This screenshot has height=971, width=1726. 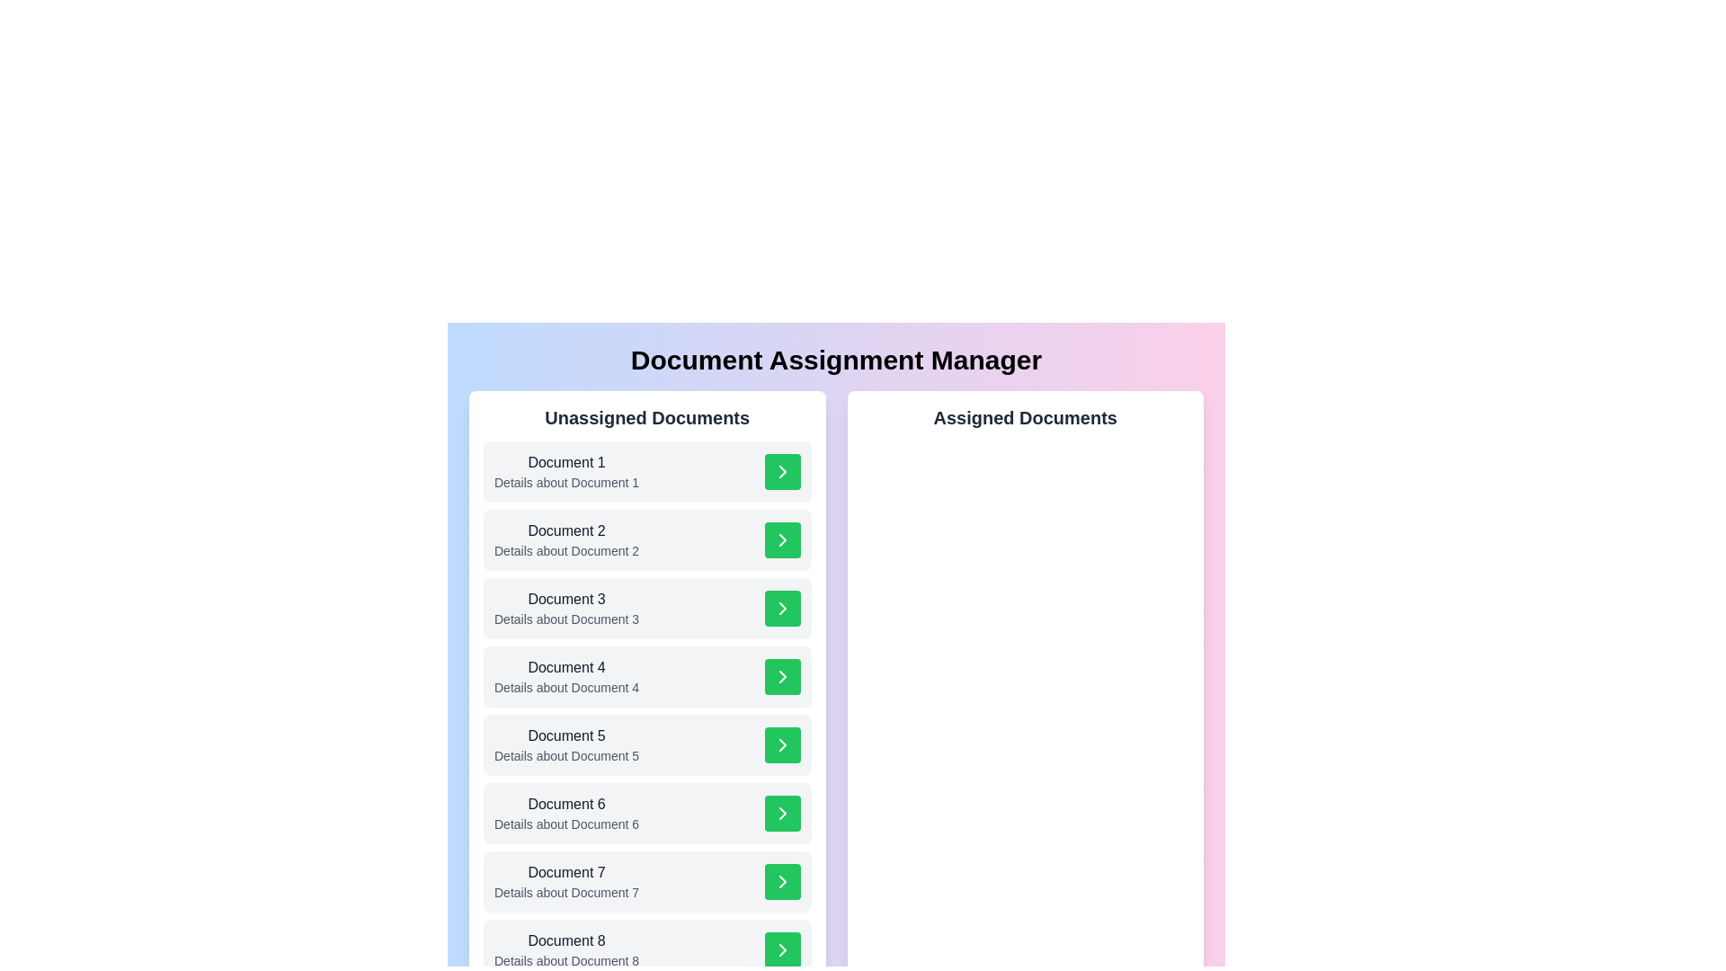 What do you see at coordinates (565, 735) in the screenshot?
I see `the Text label displaying the name of 'Document 5' in the fifth row of the 'Unassigned Documents' list` at bounding box center [565, 735].